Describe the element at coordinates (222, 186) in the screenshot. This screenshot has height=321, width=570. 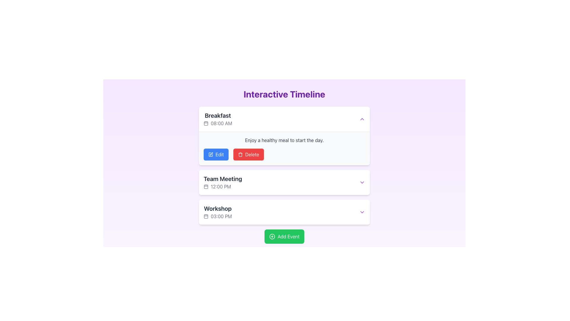
I see `the static label displaying the scheduled time '12:00 PM' for the 'Team Meeting' event, which is positioned below the event title and above additional details` at that location.